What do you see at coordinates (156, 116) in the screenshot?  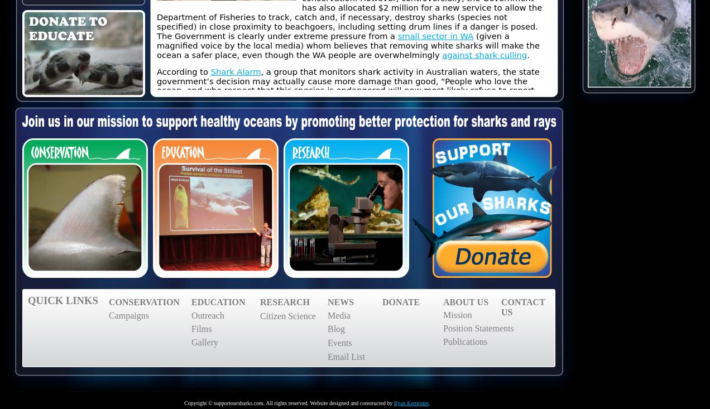 I see `'In fact, during the latter half of the 20th century, shark culling 
			was carried out in'` at bounding box center [156, 116].